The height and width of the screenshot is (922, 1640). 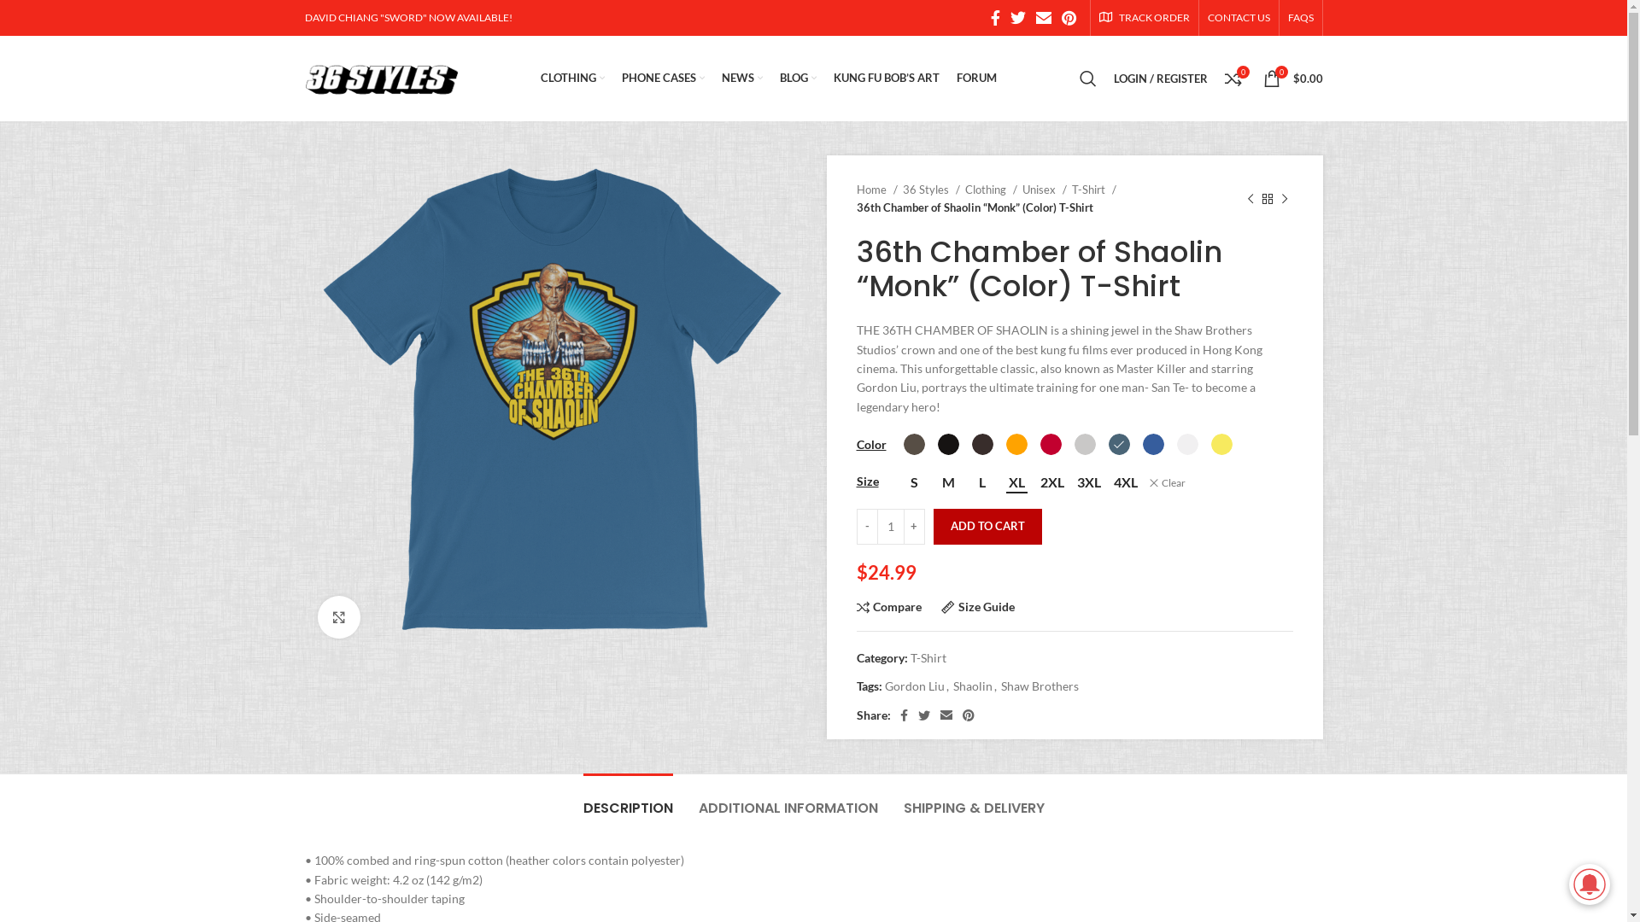 What do you see at coordinates (797, 79) in the screenshot?
I see `'BLOG'` at bounding box center [797, 79].